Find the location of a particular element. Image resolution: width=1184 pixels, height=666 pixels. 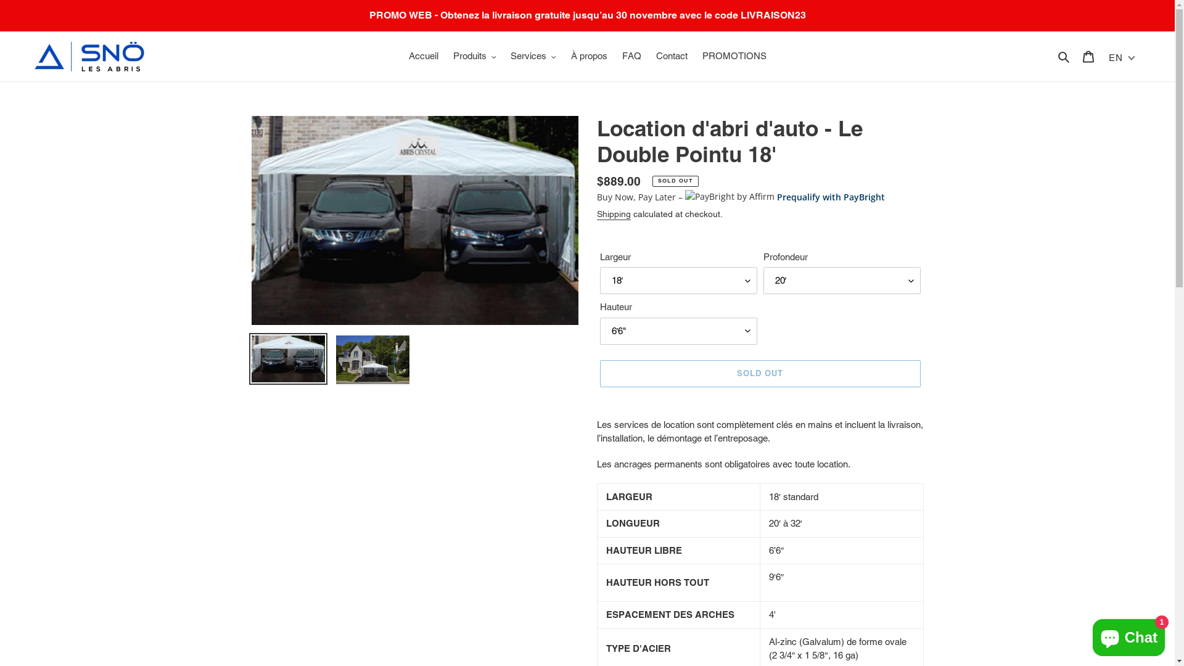

'SOLD OUT' is located at coordinates (599, 372).